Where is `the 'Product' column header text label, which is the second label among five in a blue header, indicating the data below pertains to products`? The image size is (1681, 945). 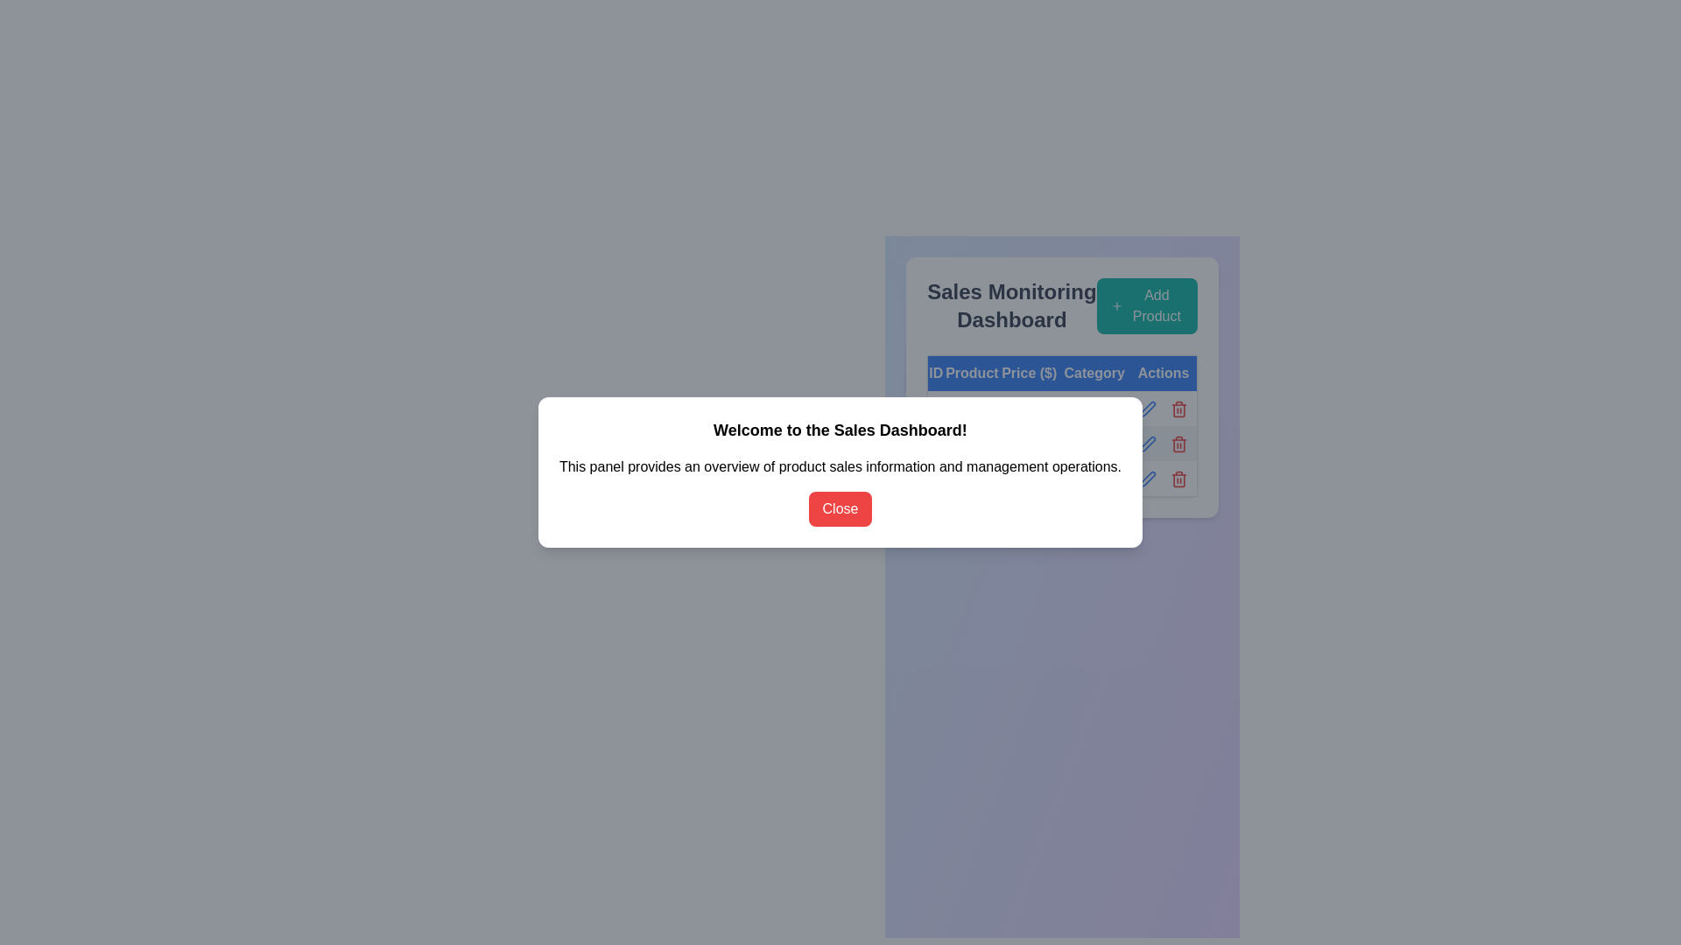
the 'Product' column header text label, which is the second label among five in a blue header, indicating the data below pertains to products is located at coordinates (971, 372).